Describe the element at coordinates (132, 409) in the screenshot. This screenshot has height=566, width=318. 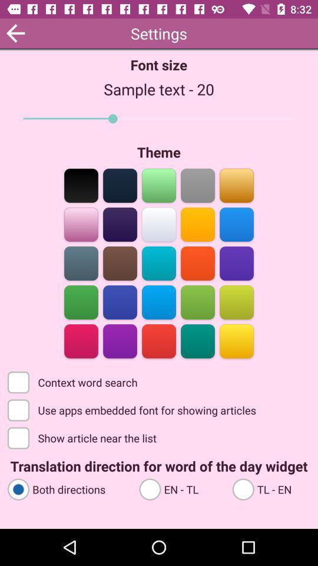
I see `item above show article near item` at that location.